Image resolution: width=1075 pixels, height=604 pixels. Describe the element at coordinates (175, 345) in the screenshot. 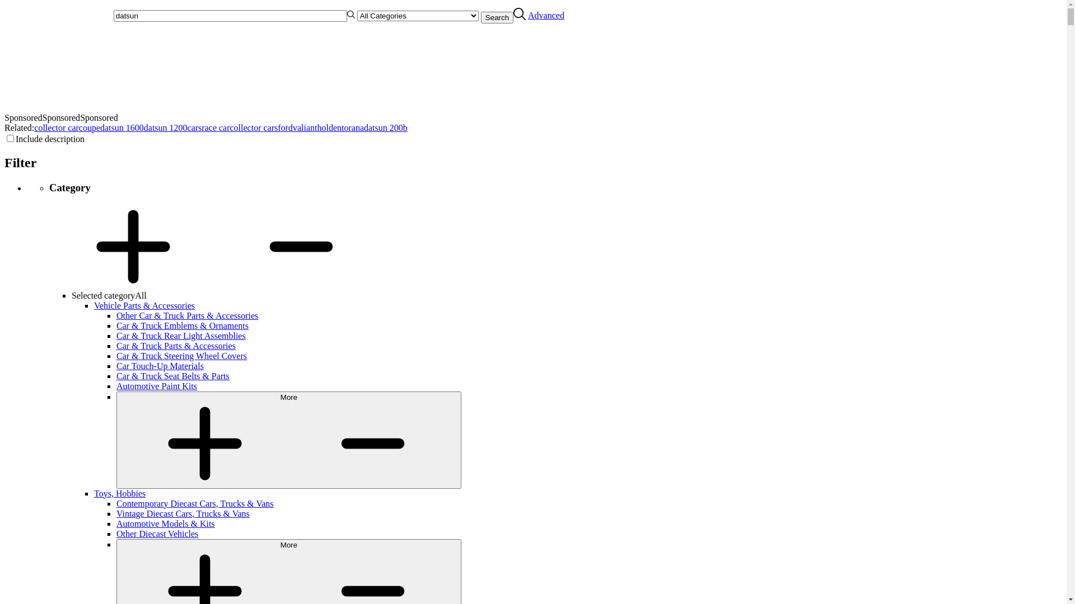

I see `'Car & Truck Parts & Accessories'` at that location.